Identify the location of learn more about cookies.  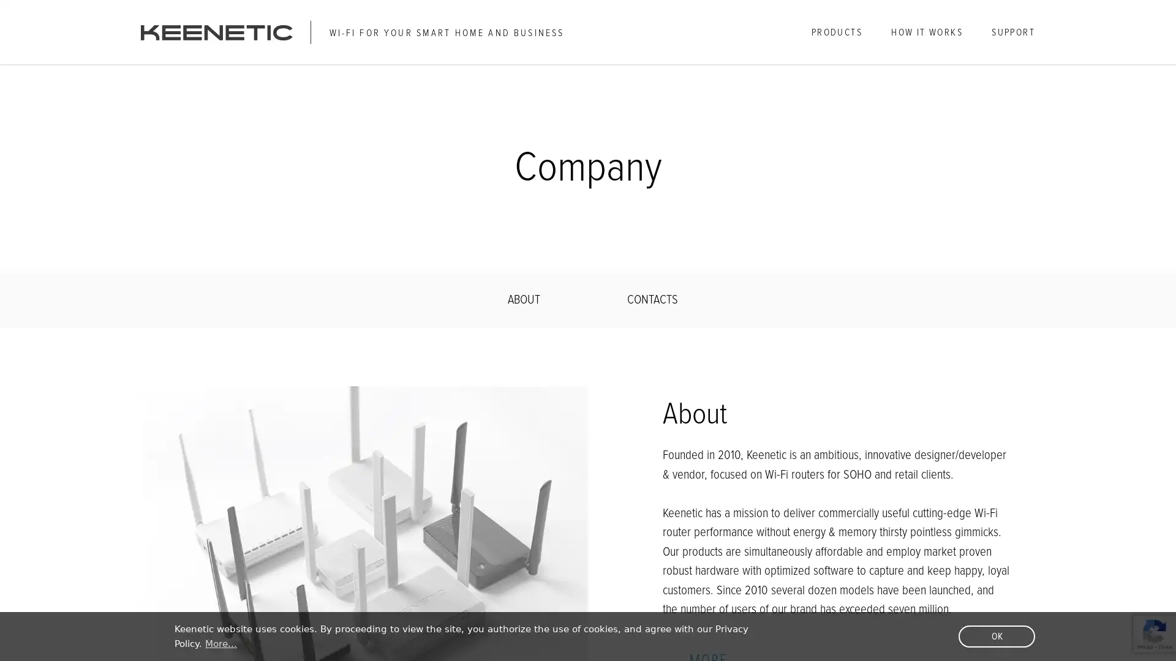
(221, 643).